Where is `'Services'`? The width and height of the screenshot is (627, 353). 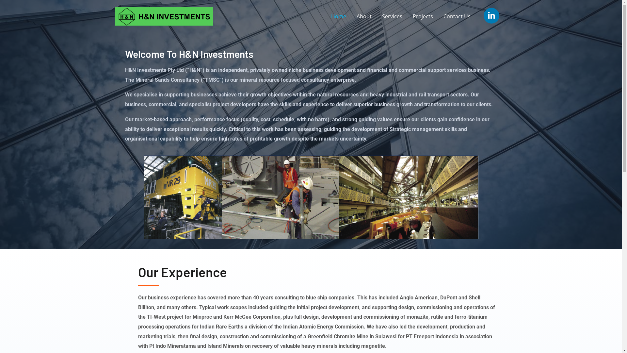
'Services' is located at coordinates (392, 16).